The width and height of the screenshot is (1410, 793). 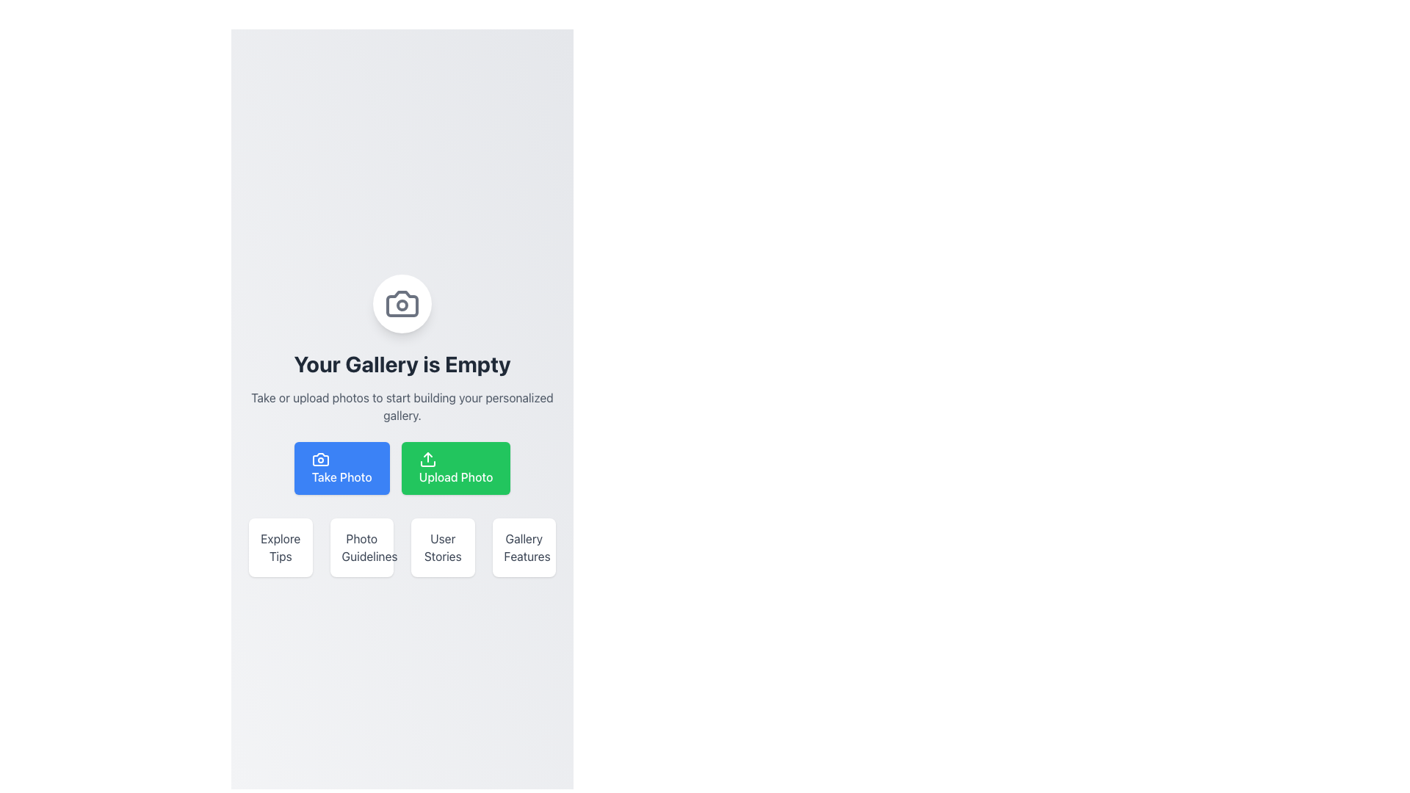 What do you see at coordinates (442, 547) in the screenshot?
I see `the 'User Stories' button located centrally in the grid of buttons below 'Take Photo' and 'Upload Photo', specifically the third button between 'Photo Guidelines' and 'Gallery Features'` at bounding box center [442, 547].